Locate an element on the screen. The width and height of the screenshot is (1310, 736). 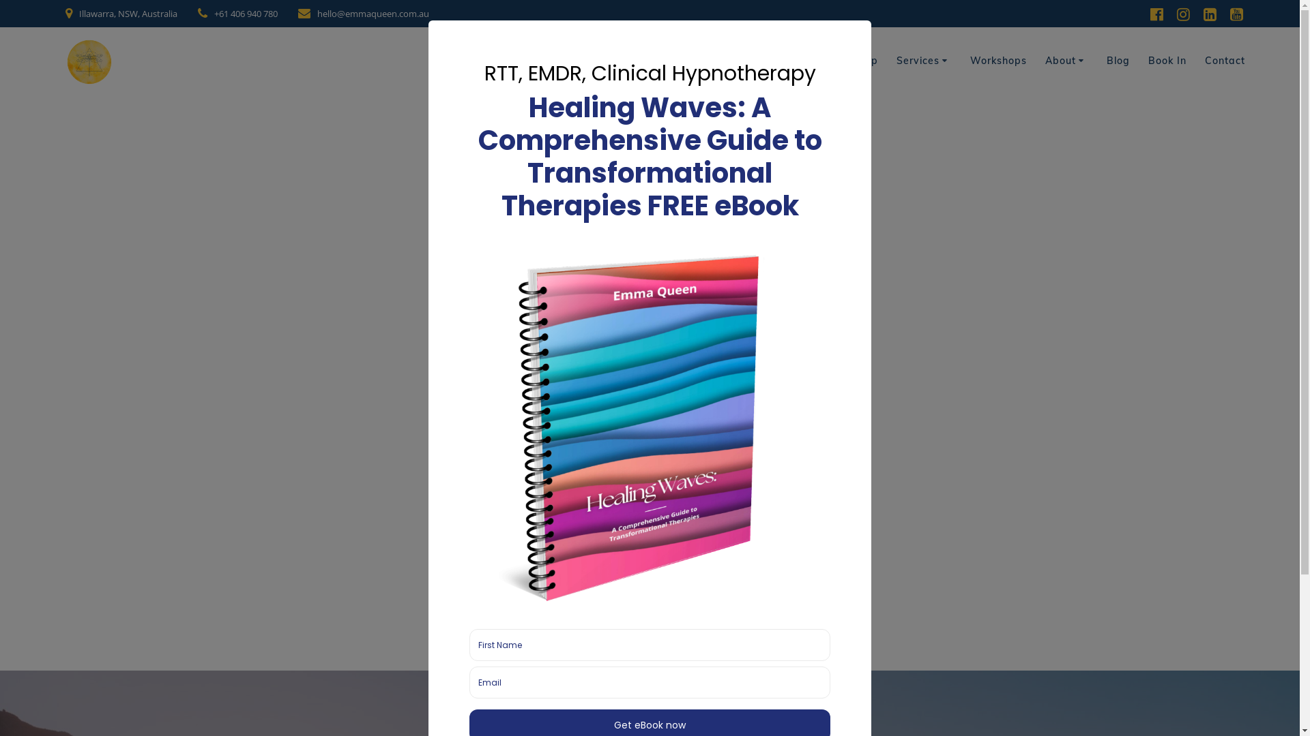
'Book In' is located at coordinates (1166, 61).